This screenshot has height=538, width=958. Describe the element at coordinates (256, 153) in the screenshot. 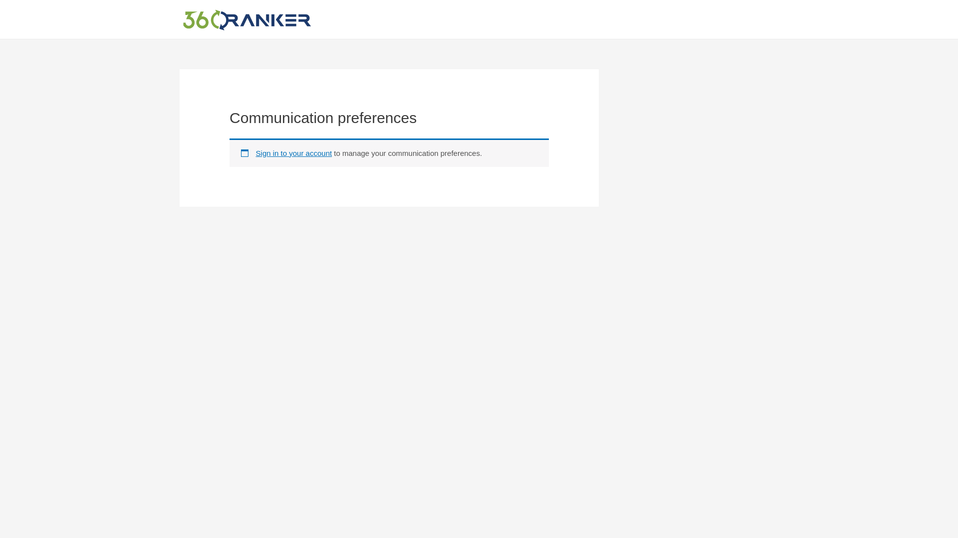

I see `'Sign in to your account'` at that location.